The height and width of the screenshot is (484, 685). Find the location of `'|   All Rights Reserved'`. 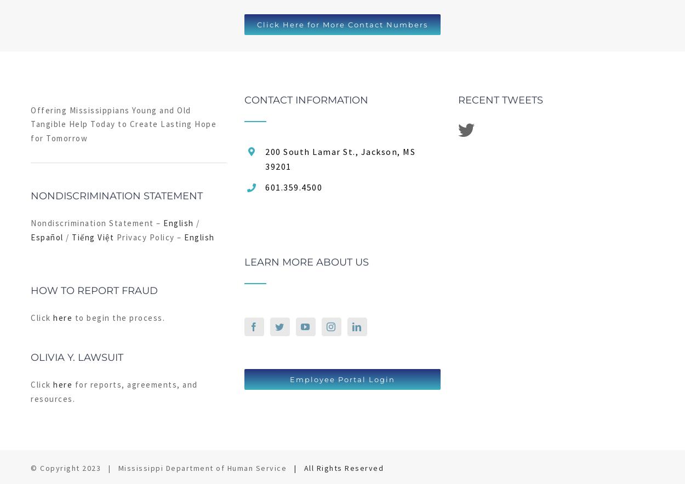

'|   All Rights Reserved' is located at coordinates (338, 467).